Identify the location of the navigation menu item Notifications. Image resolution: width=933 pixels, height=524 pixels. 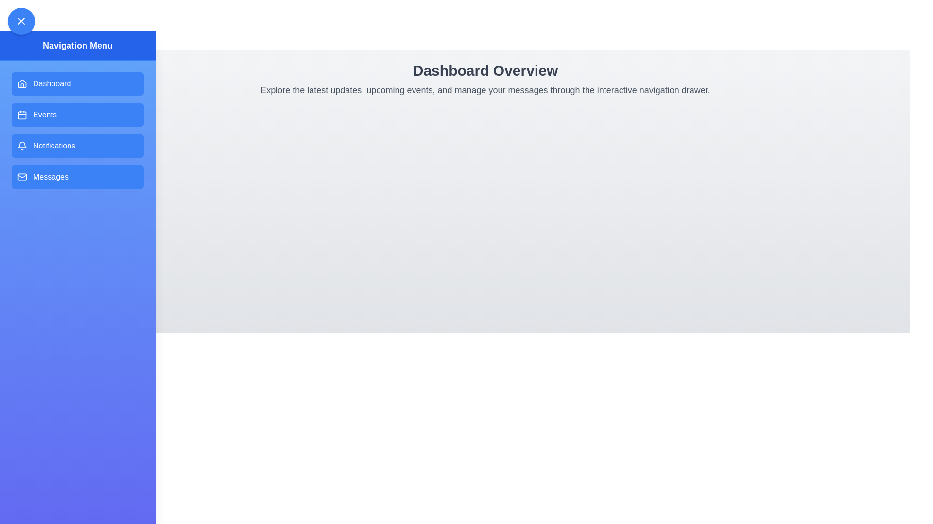
(77, 146).